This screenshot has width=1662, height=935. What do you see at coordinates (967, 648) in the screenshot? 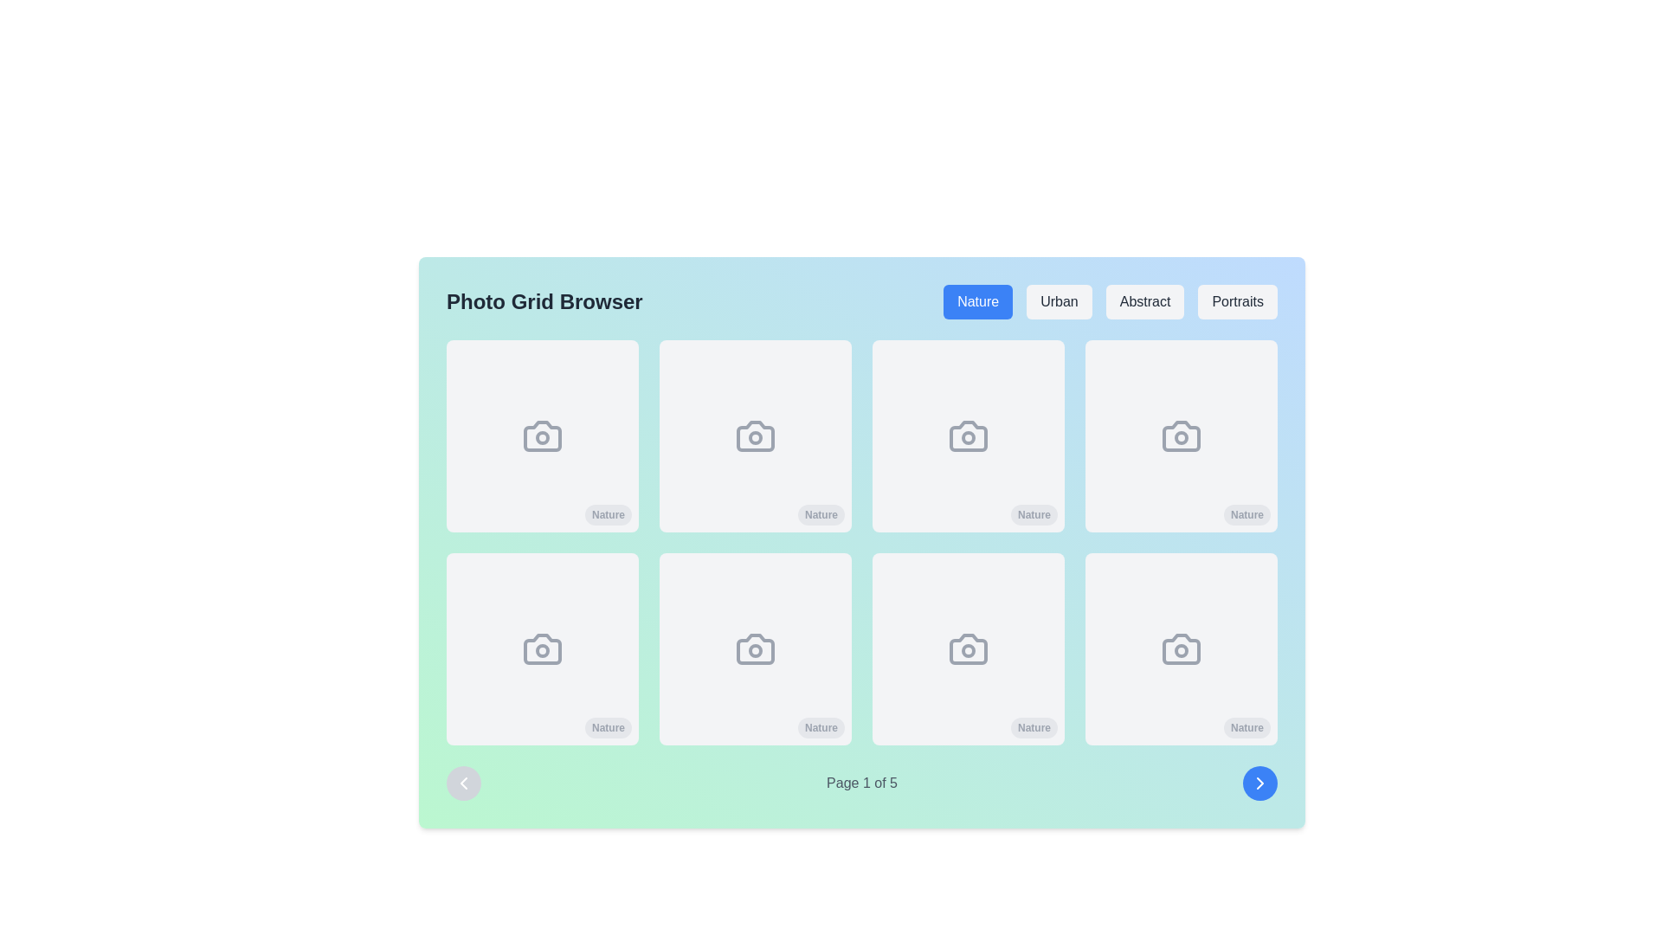
I see `the main body structure of the camera icon in the sixth grid cell of the 3x3 layout to visually associate it with its context` at bounding box center [967, 648].